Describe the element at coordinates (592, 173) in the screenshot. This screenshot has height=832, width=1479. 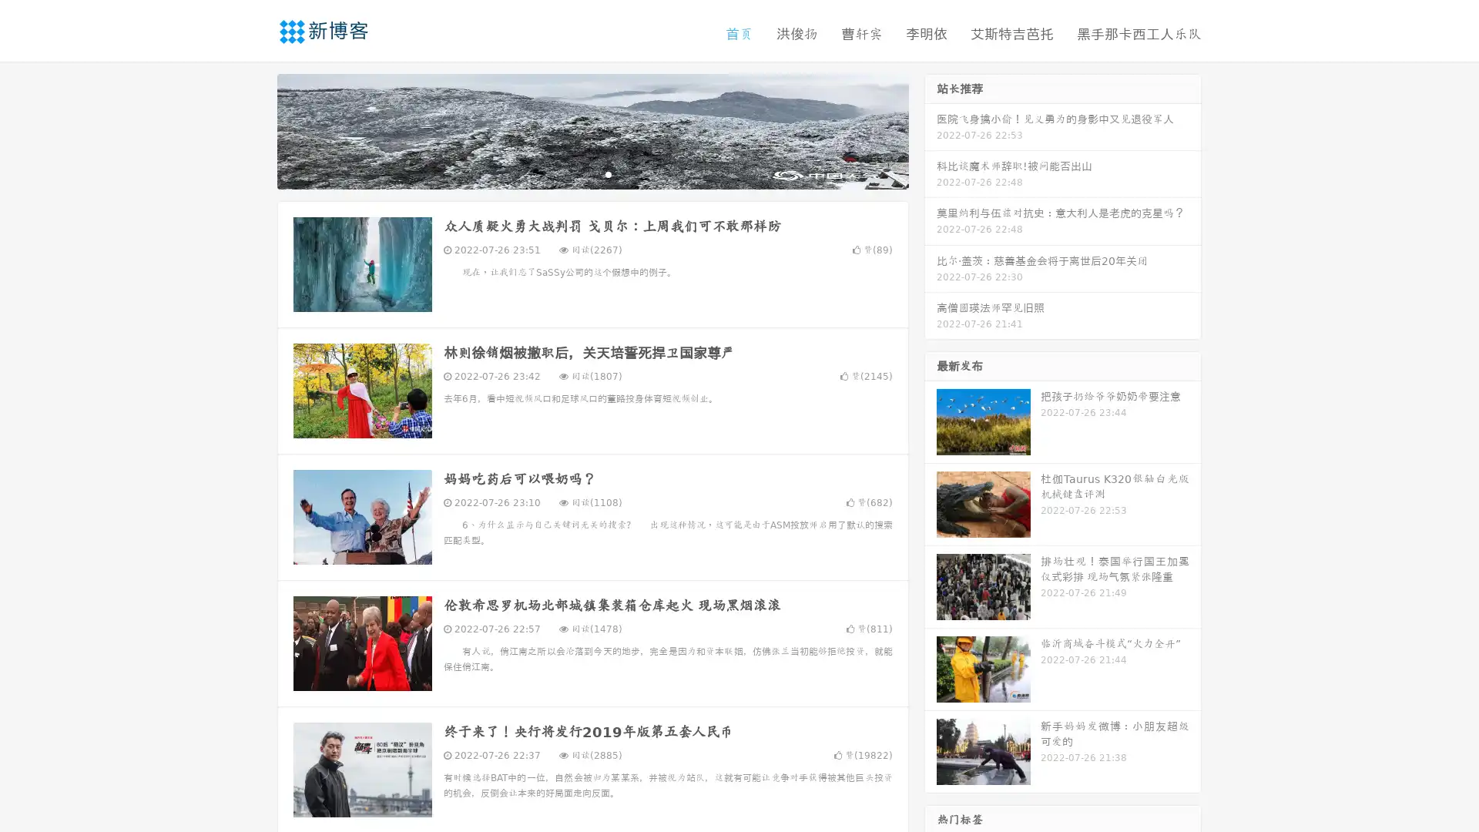
I see `Go to slide 2` at that location.